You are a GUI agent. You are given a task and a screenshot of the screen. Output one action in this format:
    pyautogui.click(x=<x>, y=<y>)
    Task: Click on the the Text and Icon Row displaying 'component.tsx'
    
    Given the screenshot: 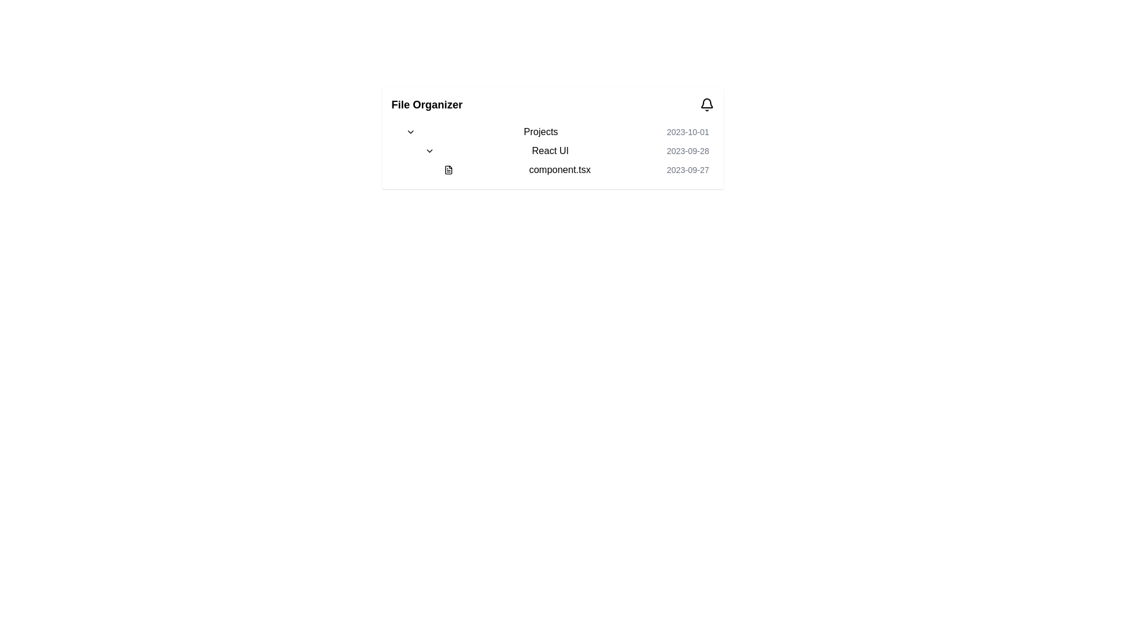 What is the action you would take?
    pyautogui.click(x=571, y=169)
    